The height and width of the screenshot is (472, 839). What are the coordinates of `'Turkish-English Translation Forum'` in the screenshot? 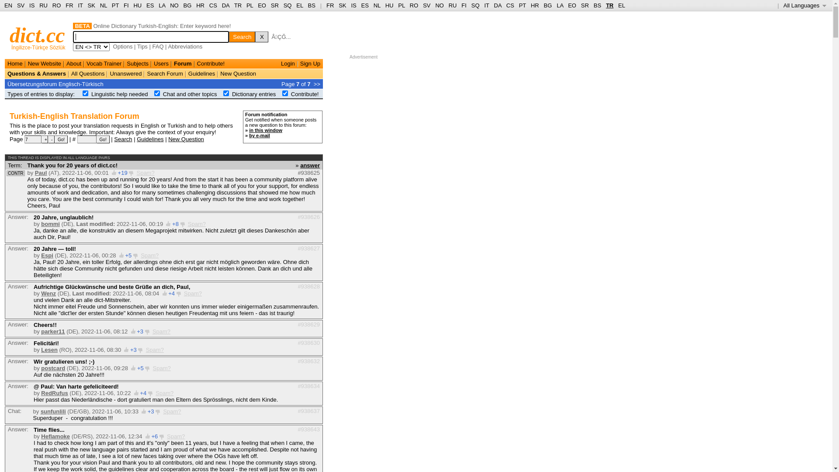 It's located at (74, 116).